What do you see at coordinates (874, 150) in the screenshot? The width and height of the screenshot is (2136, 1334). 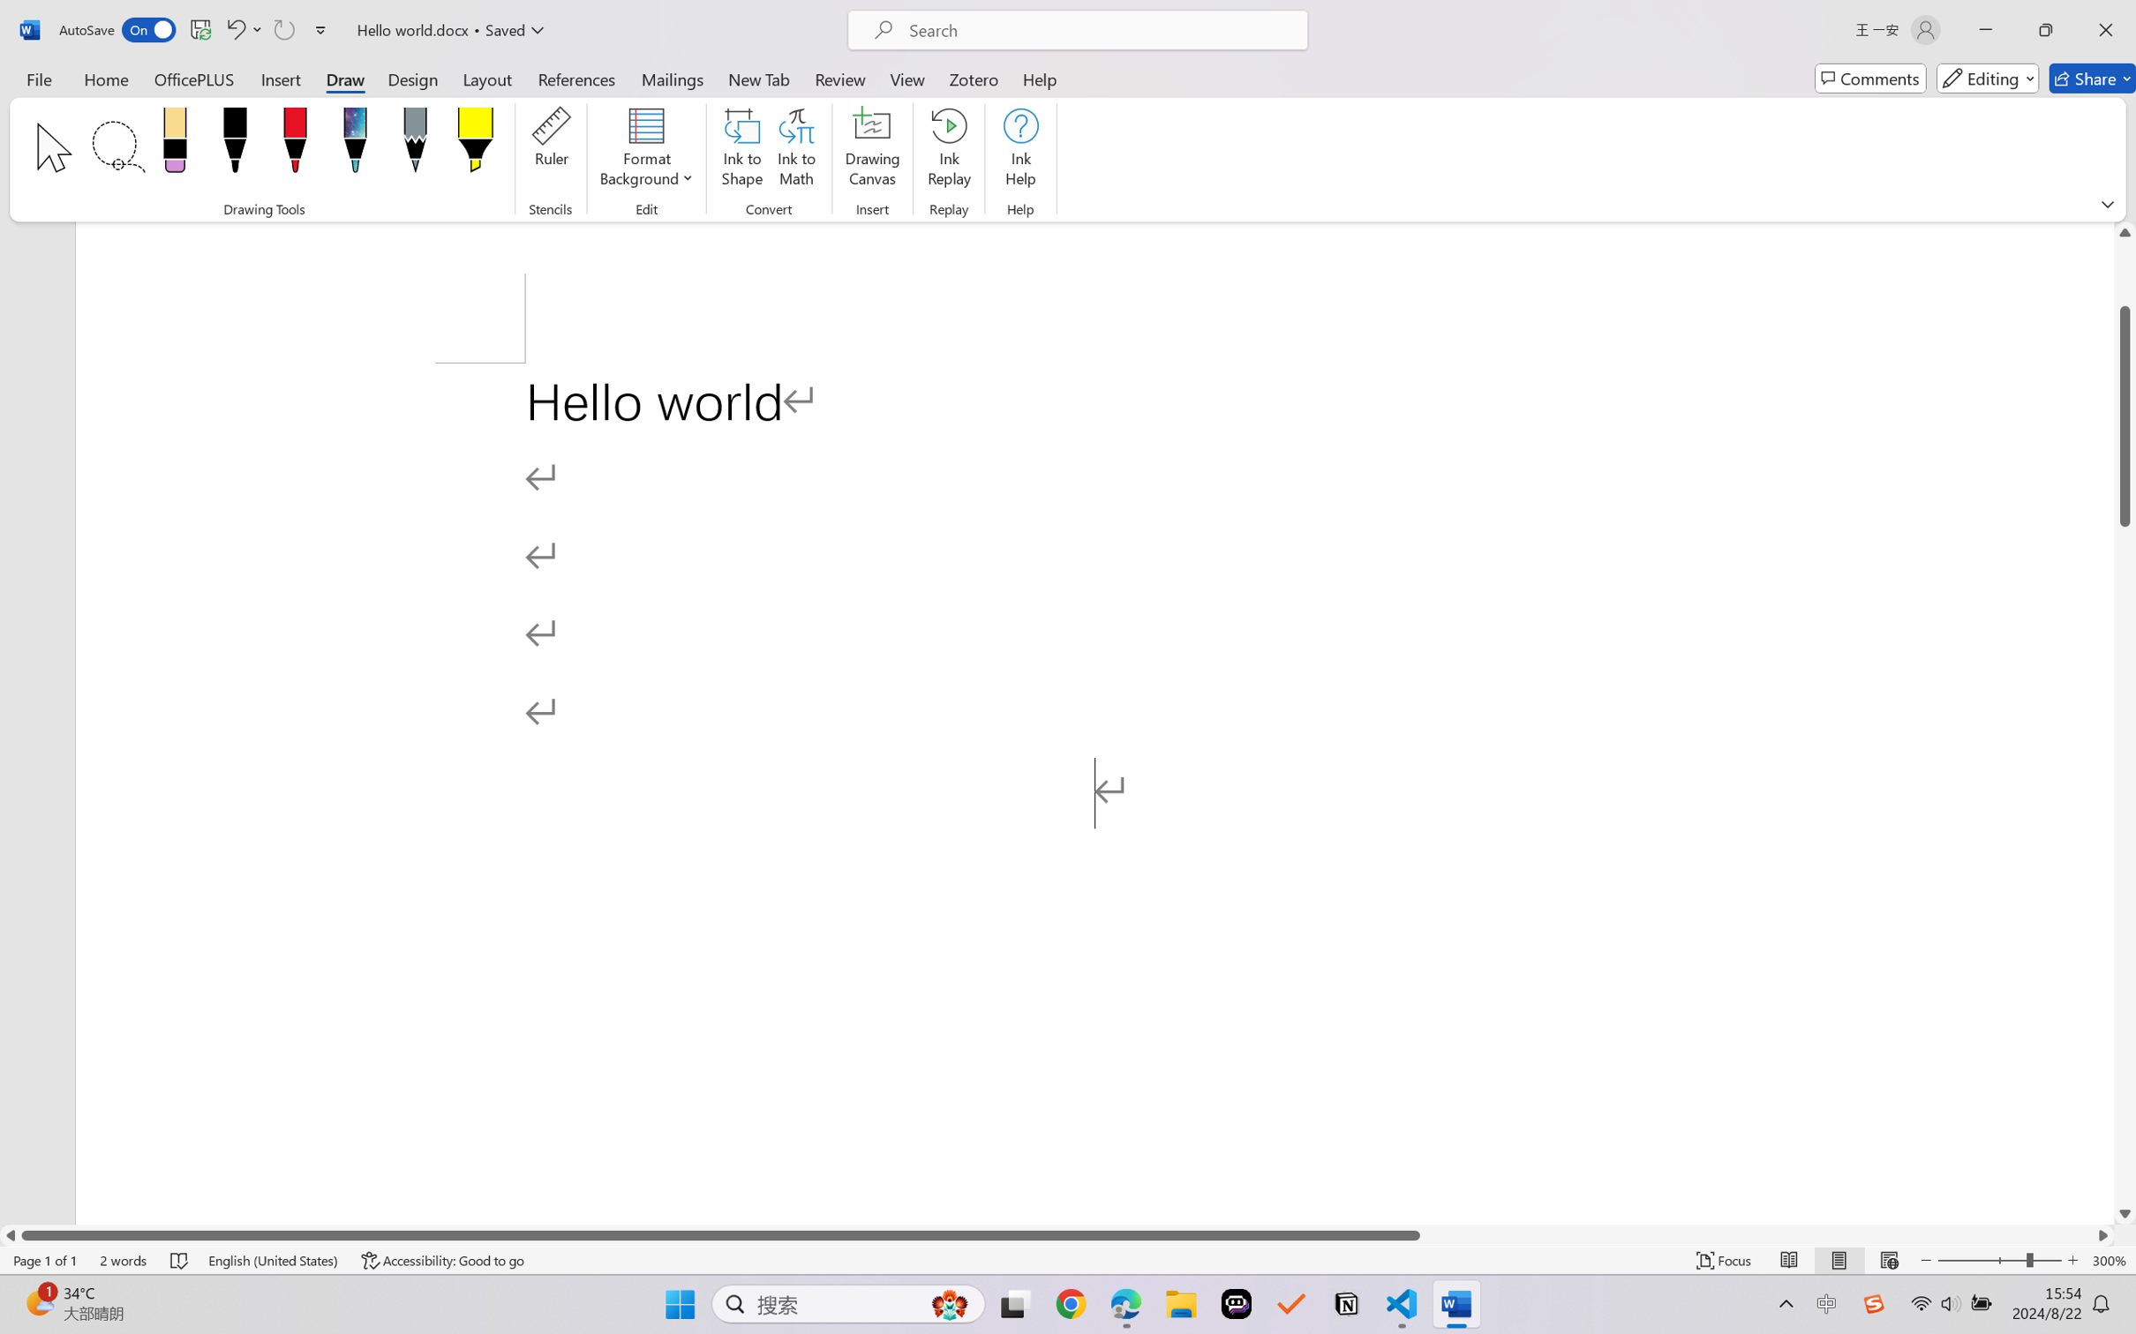 I see `'Drawing Canvas'` at bounding box center [874, 150].